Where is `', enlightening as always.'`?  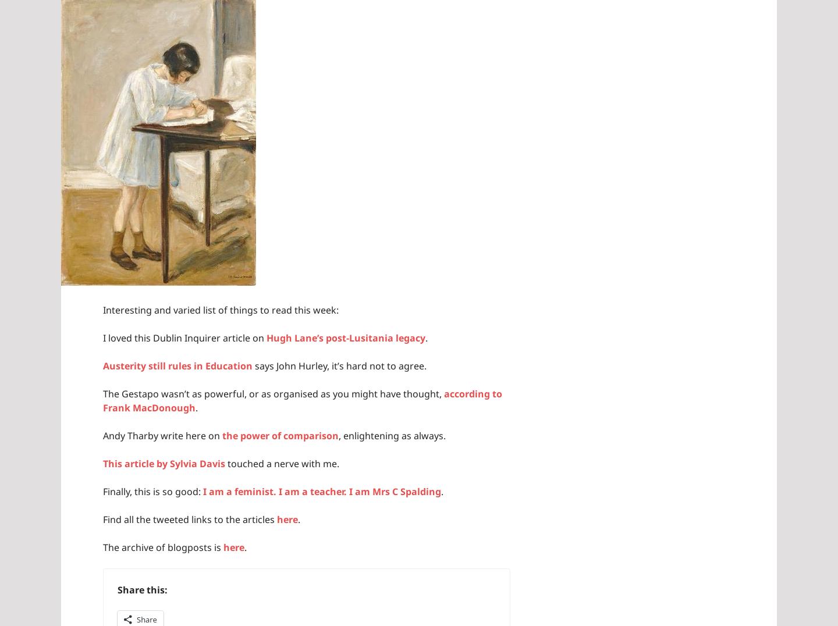
', enlightening as always.' is located at coordinates (392, 435).